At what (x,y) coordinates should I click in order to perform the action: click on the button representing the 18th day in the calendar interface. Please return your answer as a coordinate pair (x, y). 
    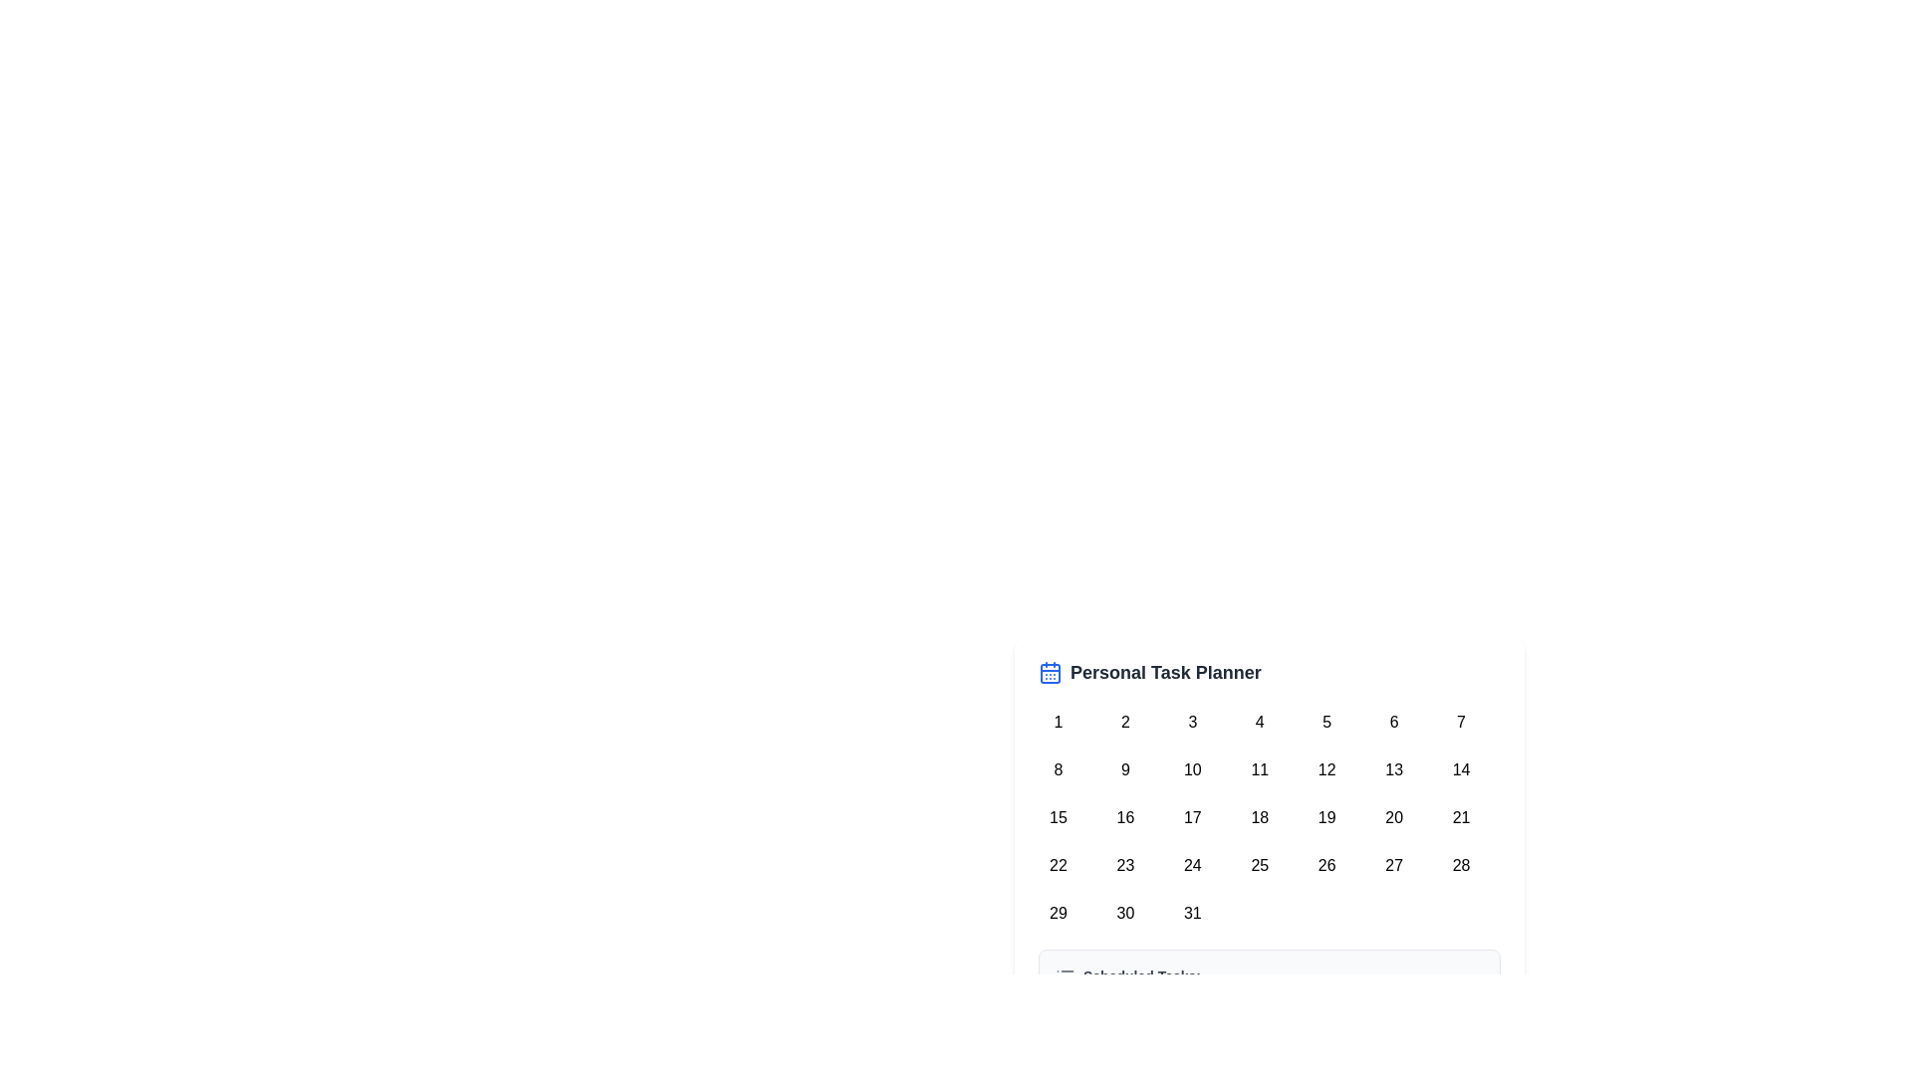
    Looking at the image, I should click on (1259, 817).